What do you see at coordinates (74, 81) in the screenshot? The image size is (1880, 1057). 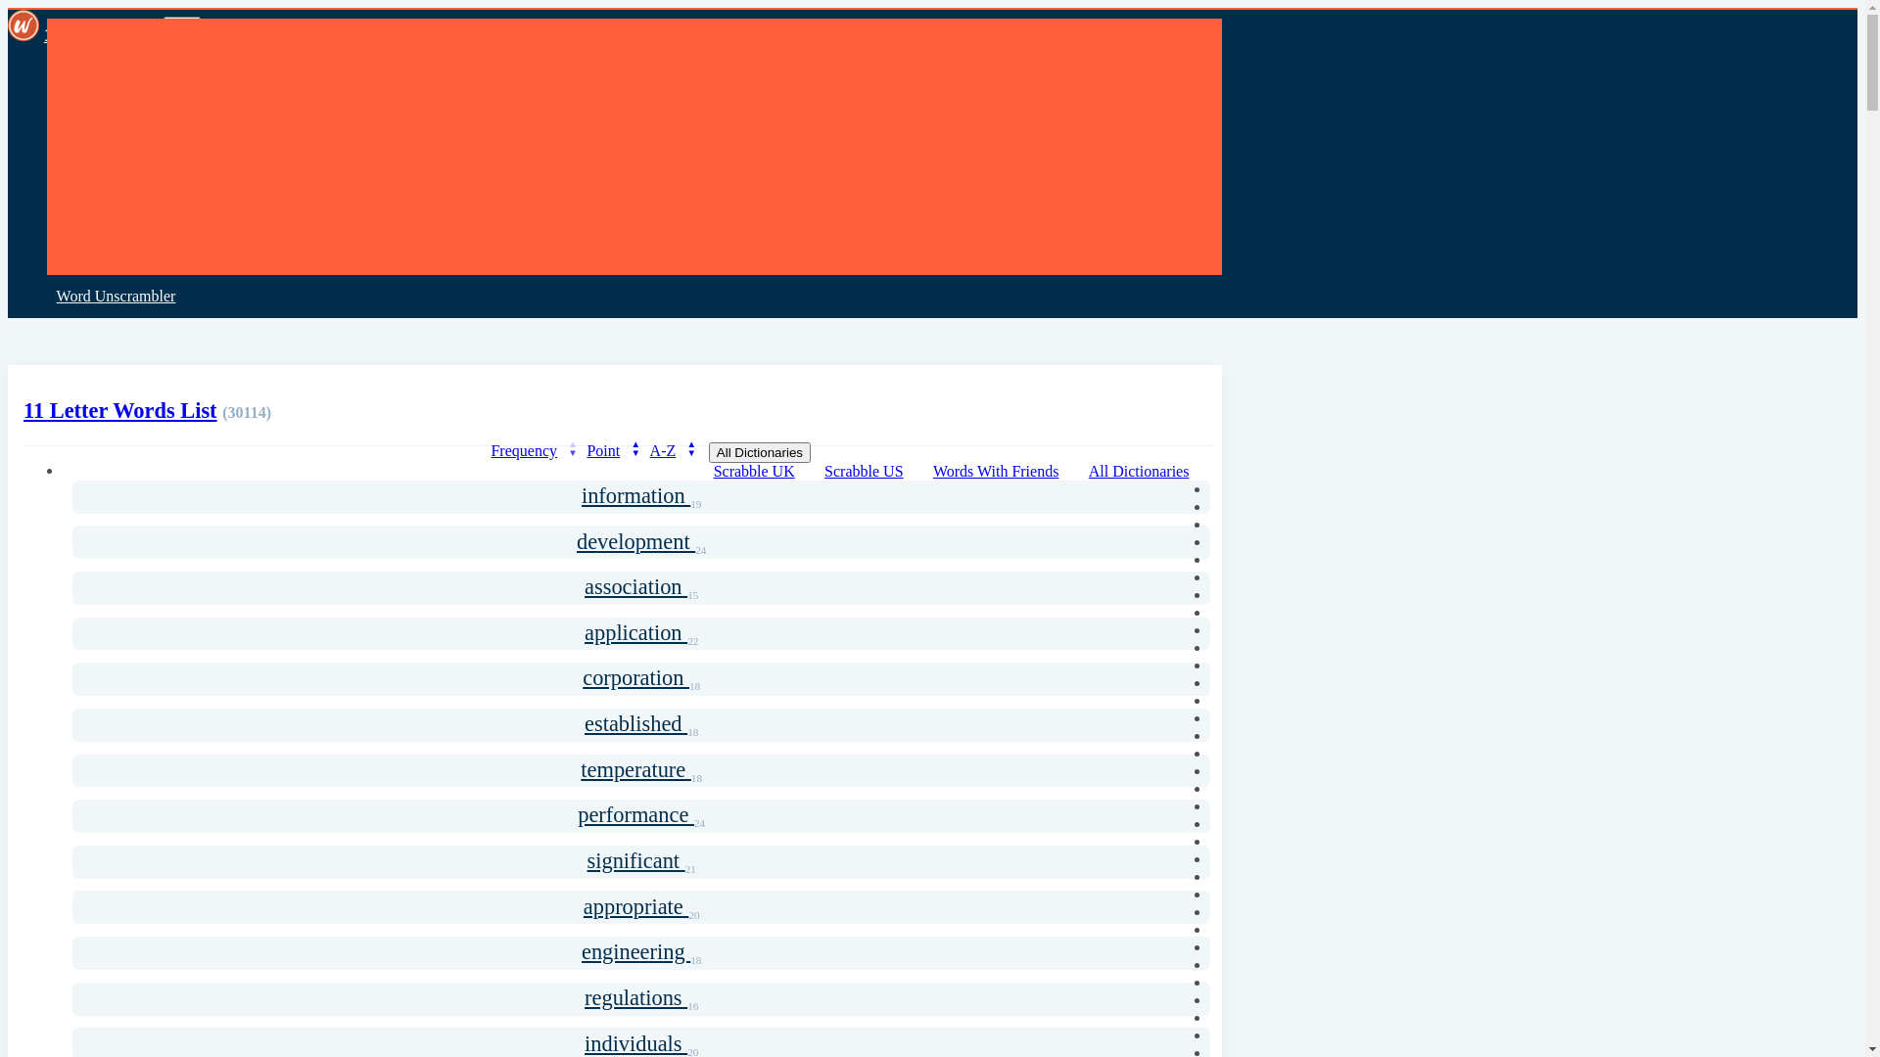 I see `'Home'` at bounding box center [74, 81].